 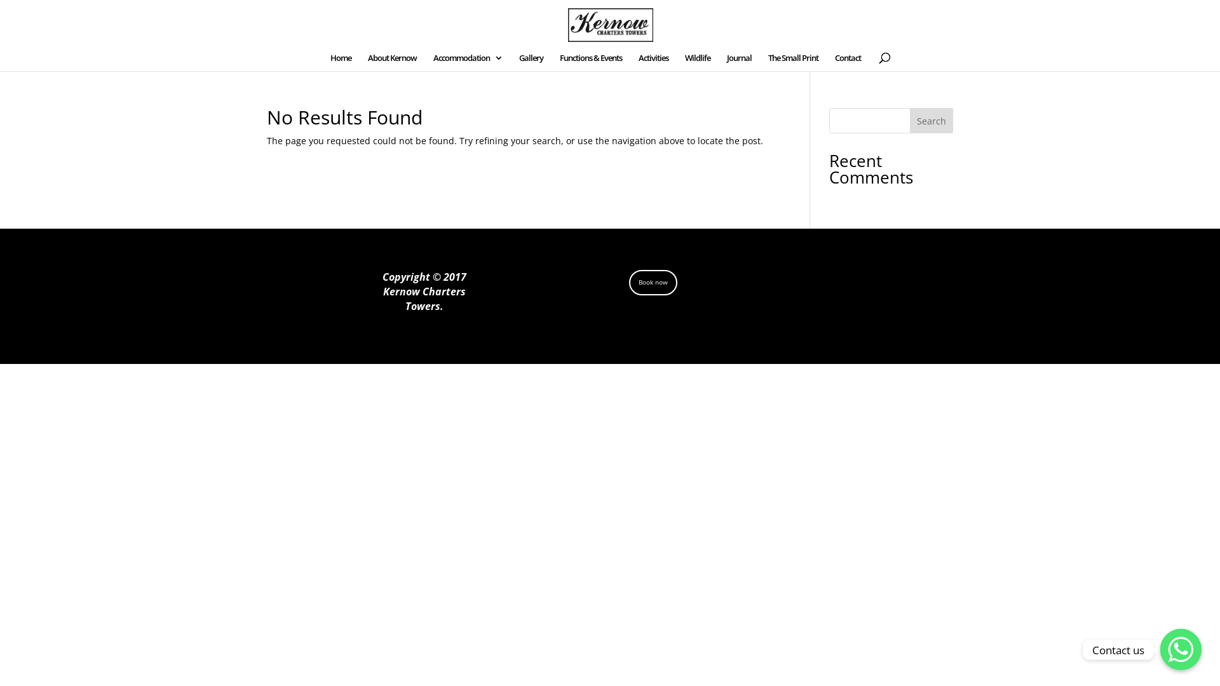 I want to click on 'Home', so click(x=341, y=62).